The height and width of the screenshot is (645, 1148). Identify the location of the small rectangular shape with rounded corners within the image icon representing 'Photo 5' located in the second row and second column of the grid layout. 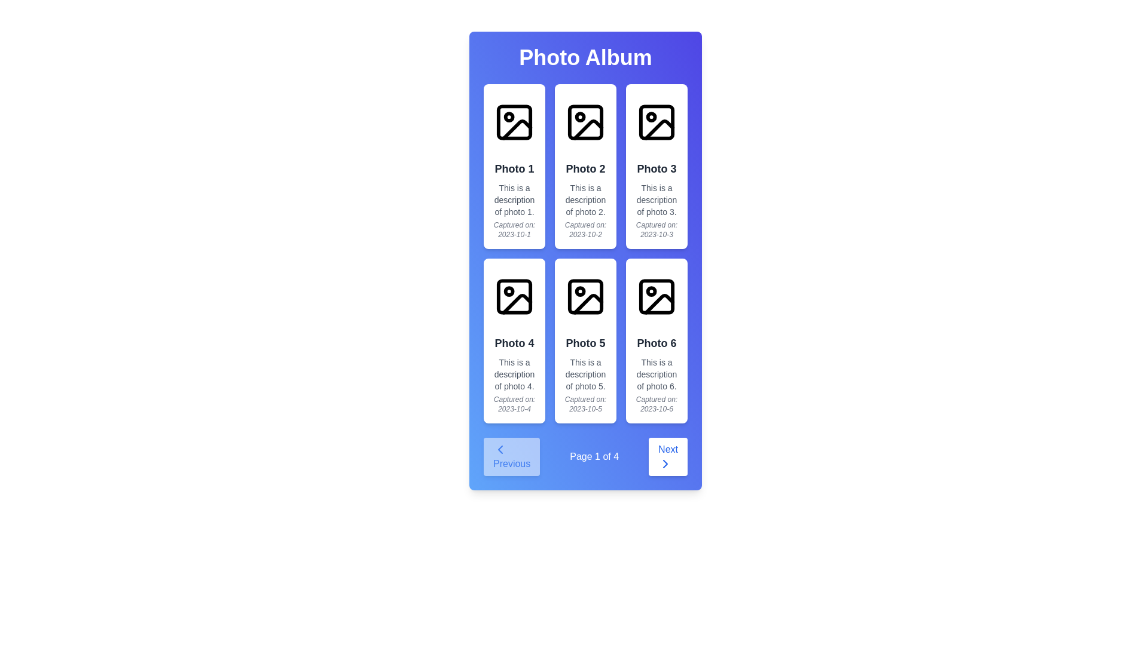
(585, 296).